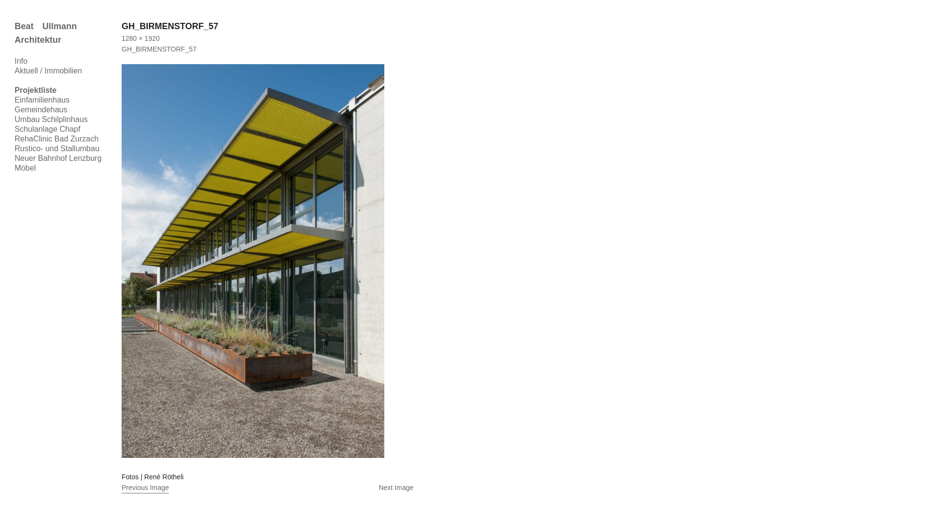 This screenshot has width=934, height=525. What do you see at coordinates (41, 100) in the screenshot?
I see `'Einfamilienhaus'` at bounding box center [41, 100].